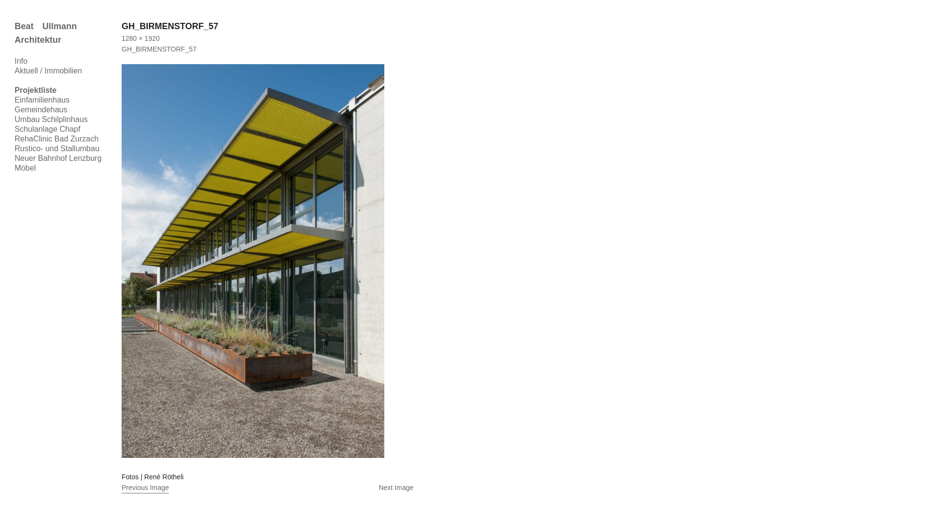 This screenshot has width=934, height=525. What do you see at coordinates (41, 100) in the screenshot?
I see `'Einfamilienhaus'` at bounding box center [41, 100].